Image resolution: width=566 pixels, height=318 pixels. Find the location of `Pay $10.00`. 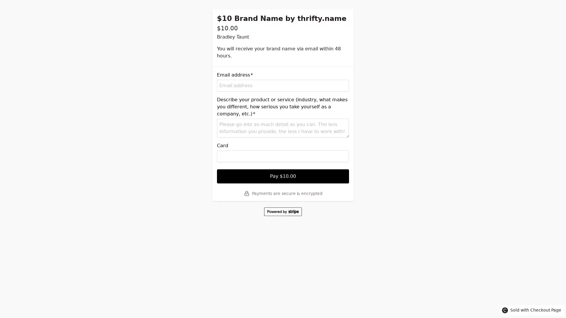

Pay $10.00 is located at coordinates (283, 176).